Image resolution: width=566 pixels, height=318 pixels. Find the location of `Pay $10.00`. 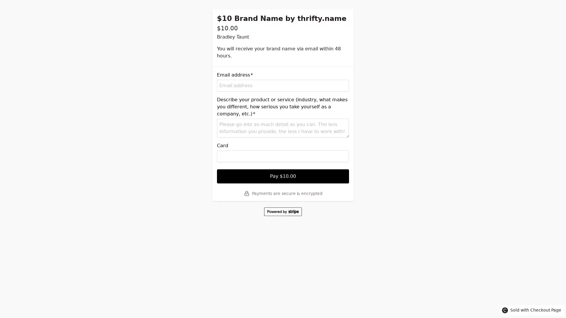

Pay $10.00 is located at coordinates (283, 176).